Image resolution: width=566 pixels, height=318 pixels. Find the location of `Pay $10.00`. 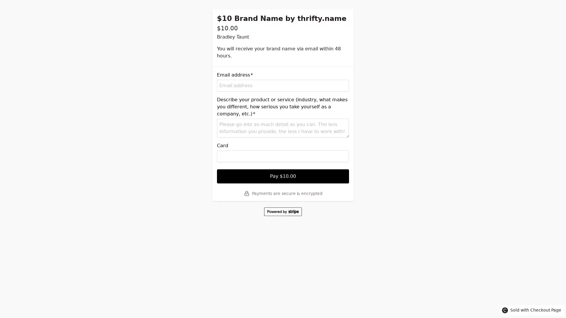

Pay $10.00 is located at coordinates (283, 176).